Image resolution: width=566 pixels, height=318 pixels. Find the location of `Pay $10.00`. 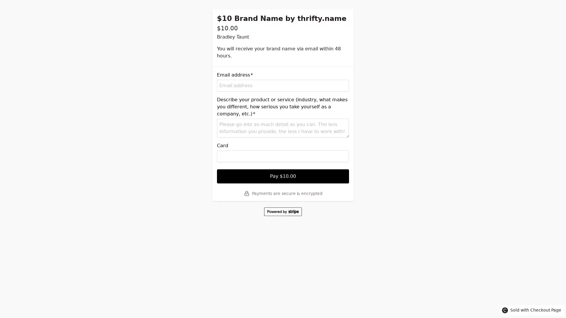

Pay $10.00 is located at coordinates (283, 176).